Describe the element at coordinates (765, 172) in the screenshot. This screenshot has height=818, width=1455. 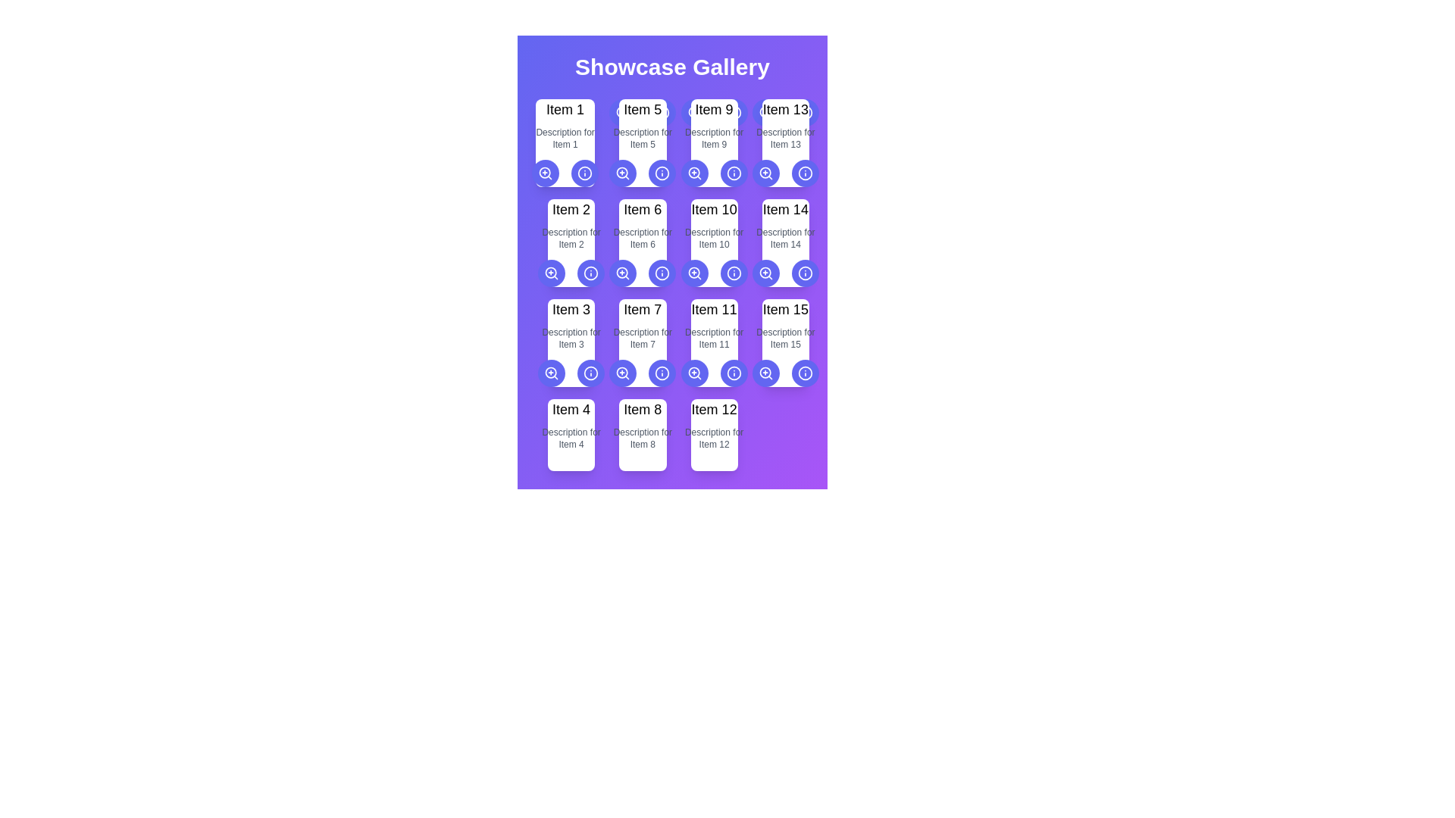
I see `the SVG circle element of the zoom-in icon, which is part of the control set for 'Item 13' card` at that location.